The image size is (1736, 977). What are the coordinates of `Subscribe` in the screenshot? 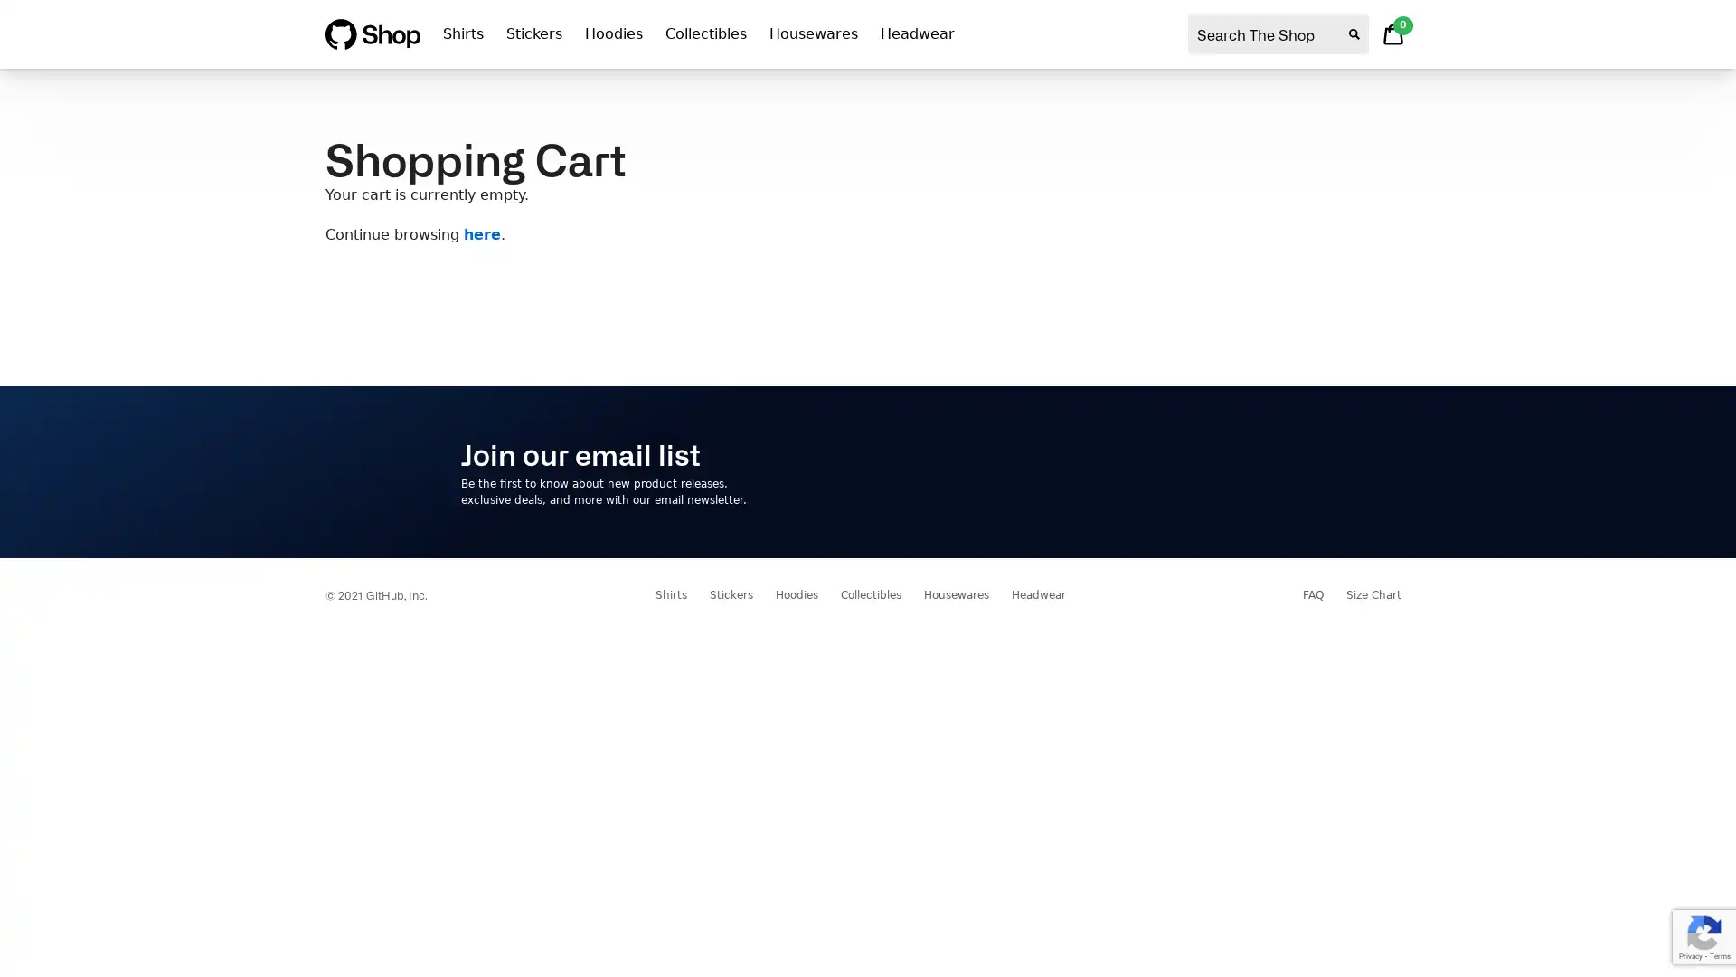 It's located at (1220, 470).